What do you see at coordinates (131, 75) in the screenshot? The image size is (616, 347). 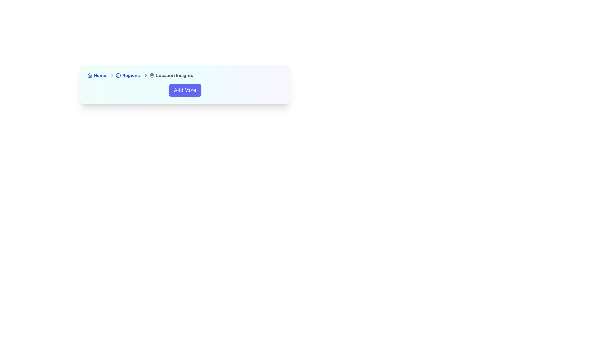 I see `the breadcrumb text link that directs to the 'Regions' section` at bounding box center [131, 75].